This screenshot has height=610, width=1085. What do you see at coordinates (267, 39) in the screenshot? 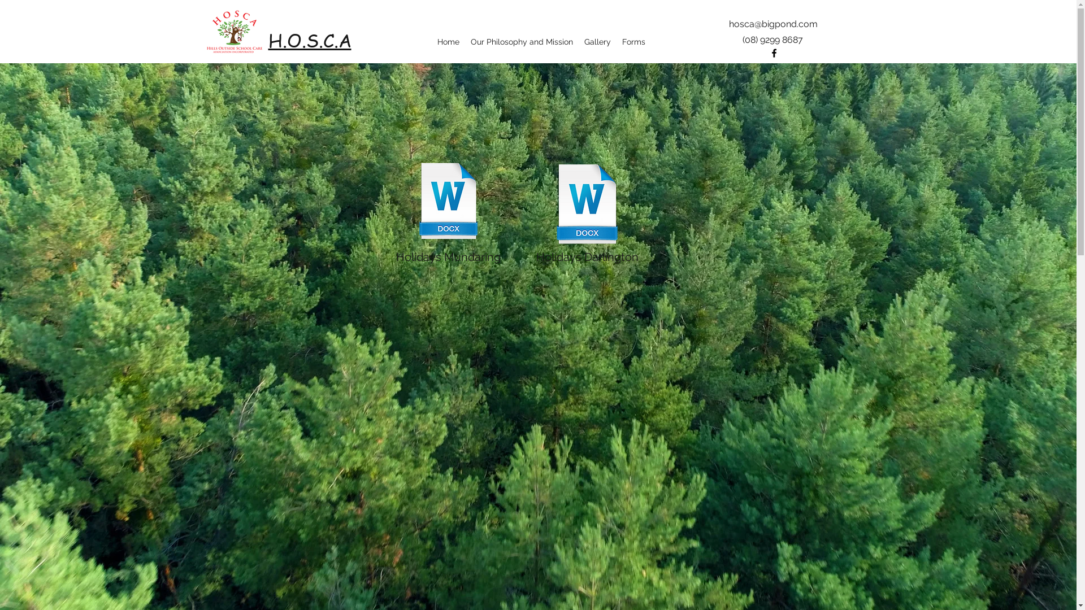
I see `'H.O.S.C.A'` at bounding box center [267, 39].